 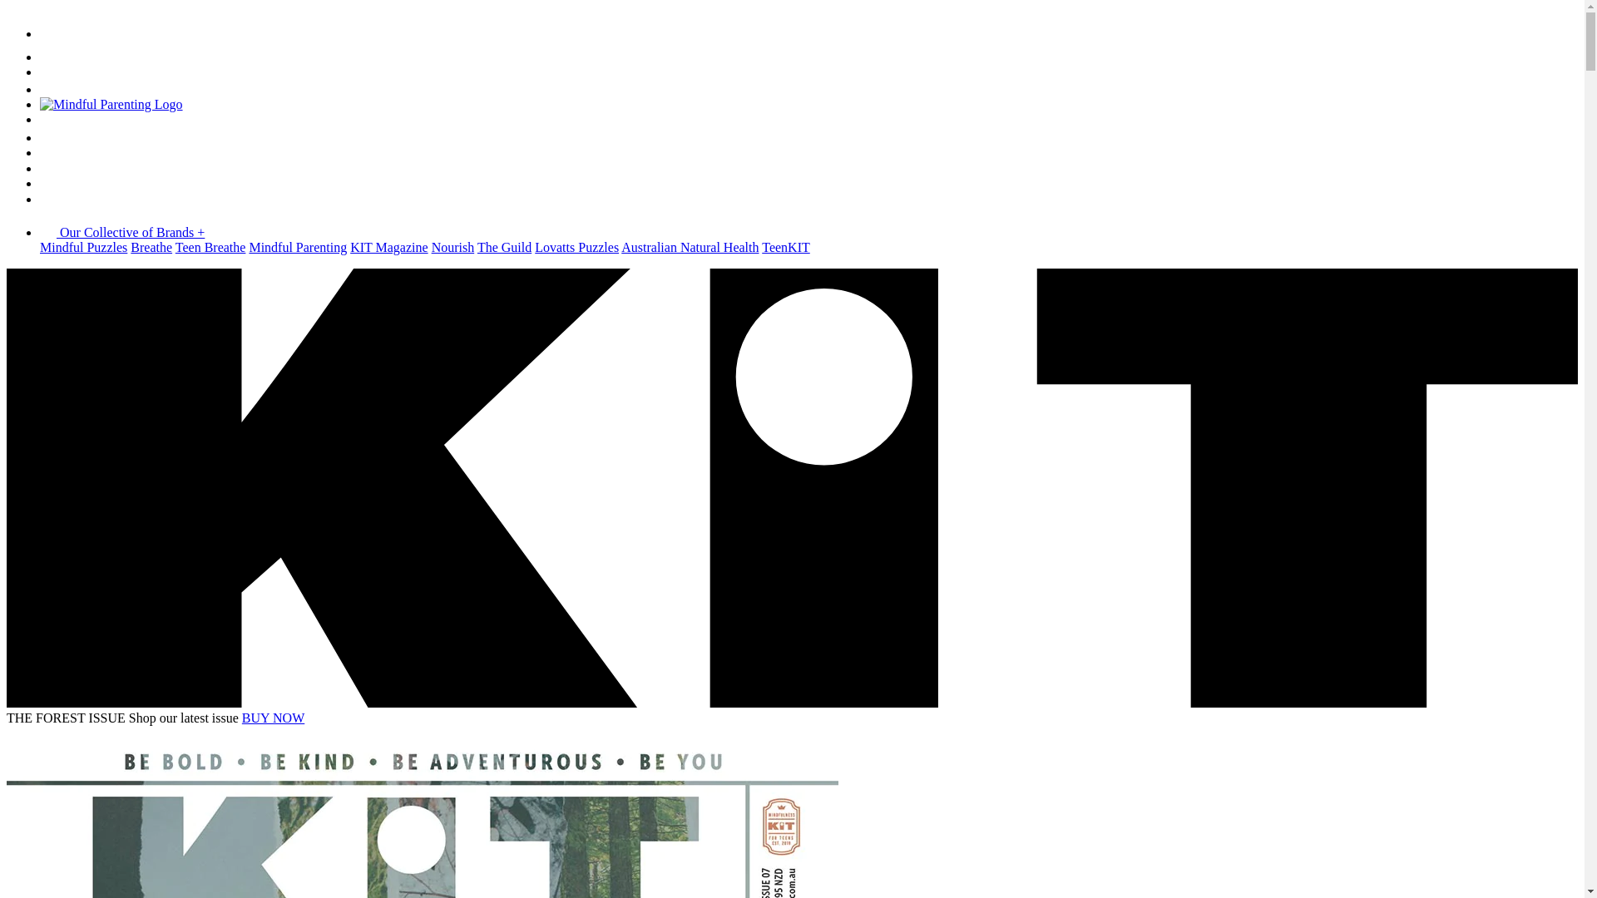 I want to click on 'Teen Breathe', so click(x=210, y=247).